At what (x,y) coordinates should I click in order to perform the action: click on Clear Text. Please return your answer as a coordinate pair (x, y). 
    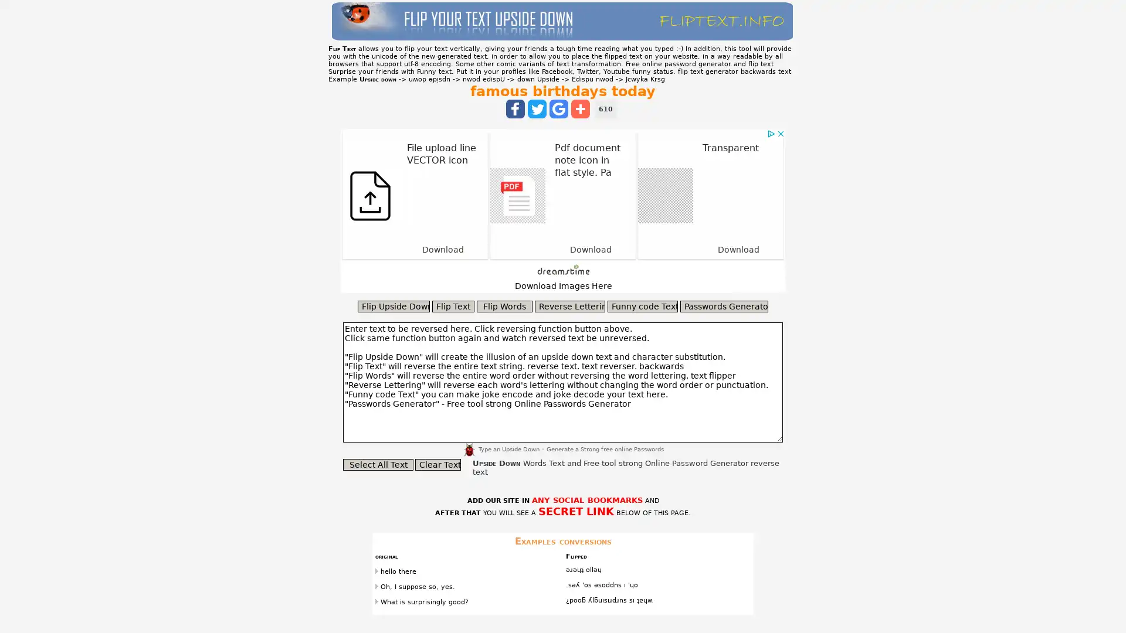
    Looking at the image, I should click on (437, 464).